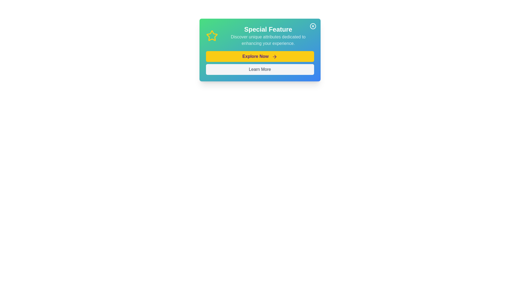  What do you see at coordinates (268, 29) in the screenshot?
I see `the Heading element that indicates the theme or subject of the interface, located at the upper-central region of the panel, above the text 'Discover unique attributes dedicated to enhancing your experience.'` at bounding box center [268, 29].